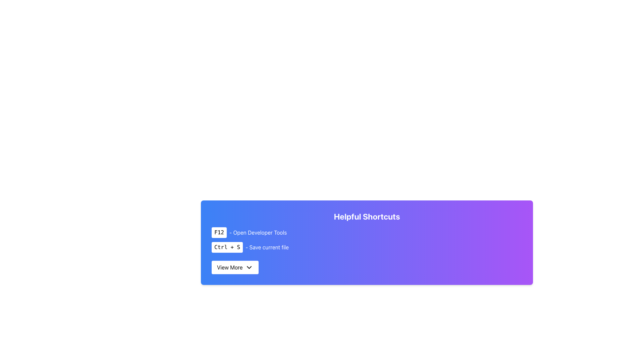 Image resolution: width=644 pixels, height=362 pixels. I want to click on the badge-like component displaying the text 'Ctrl + S', which is positioned below the 'F12 - Open Developer Tools' shortcut and above the 'View More' button, so click(227, 247).